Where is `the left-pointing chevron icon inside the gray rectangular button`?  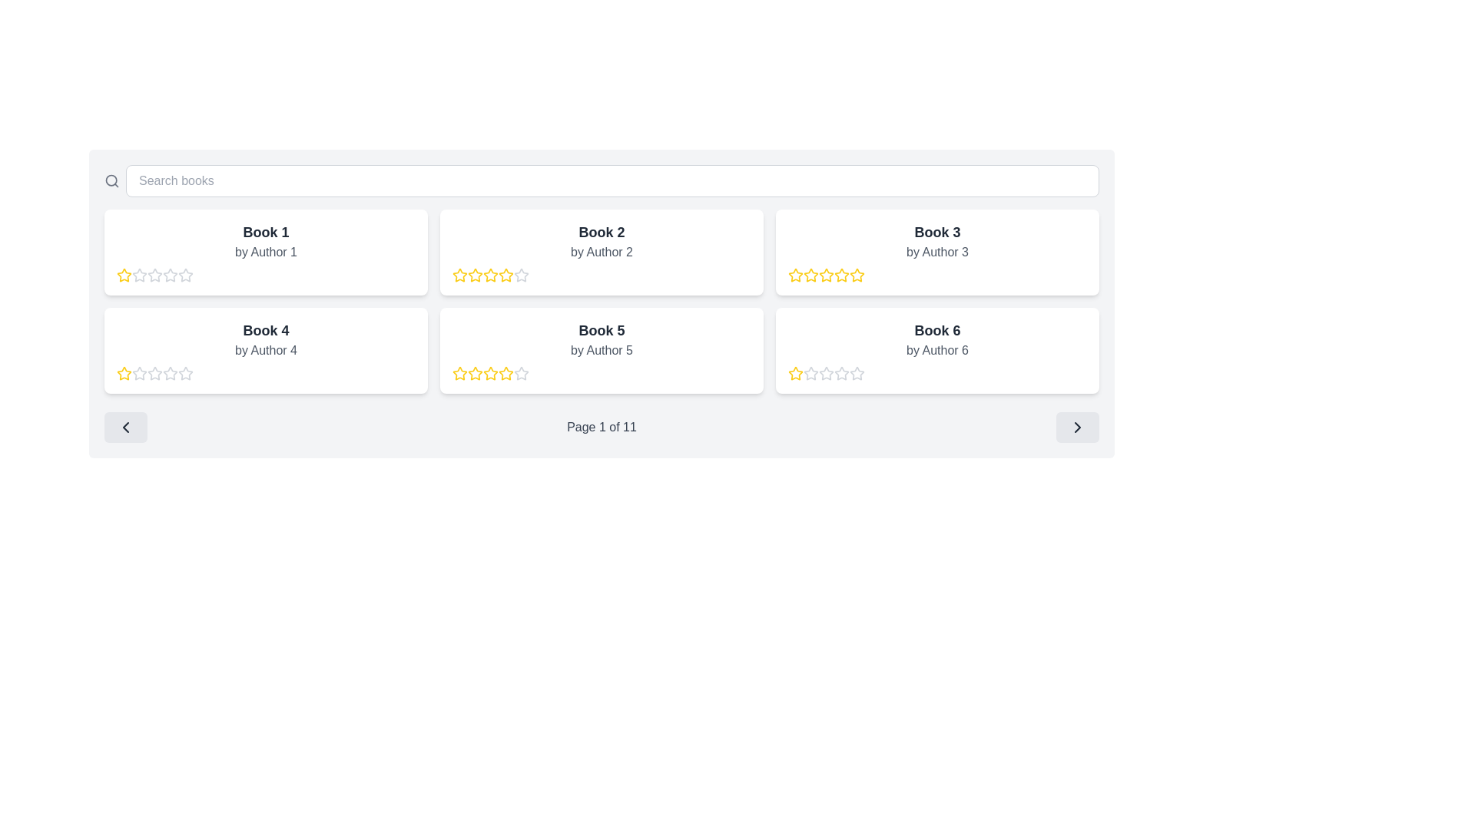
the left-pointing chevron icon inside the gray rectangular button is located at coordinates (125, 427).